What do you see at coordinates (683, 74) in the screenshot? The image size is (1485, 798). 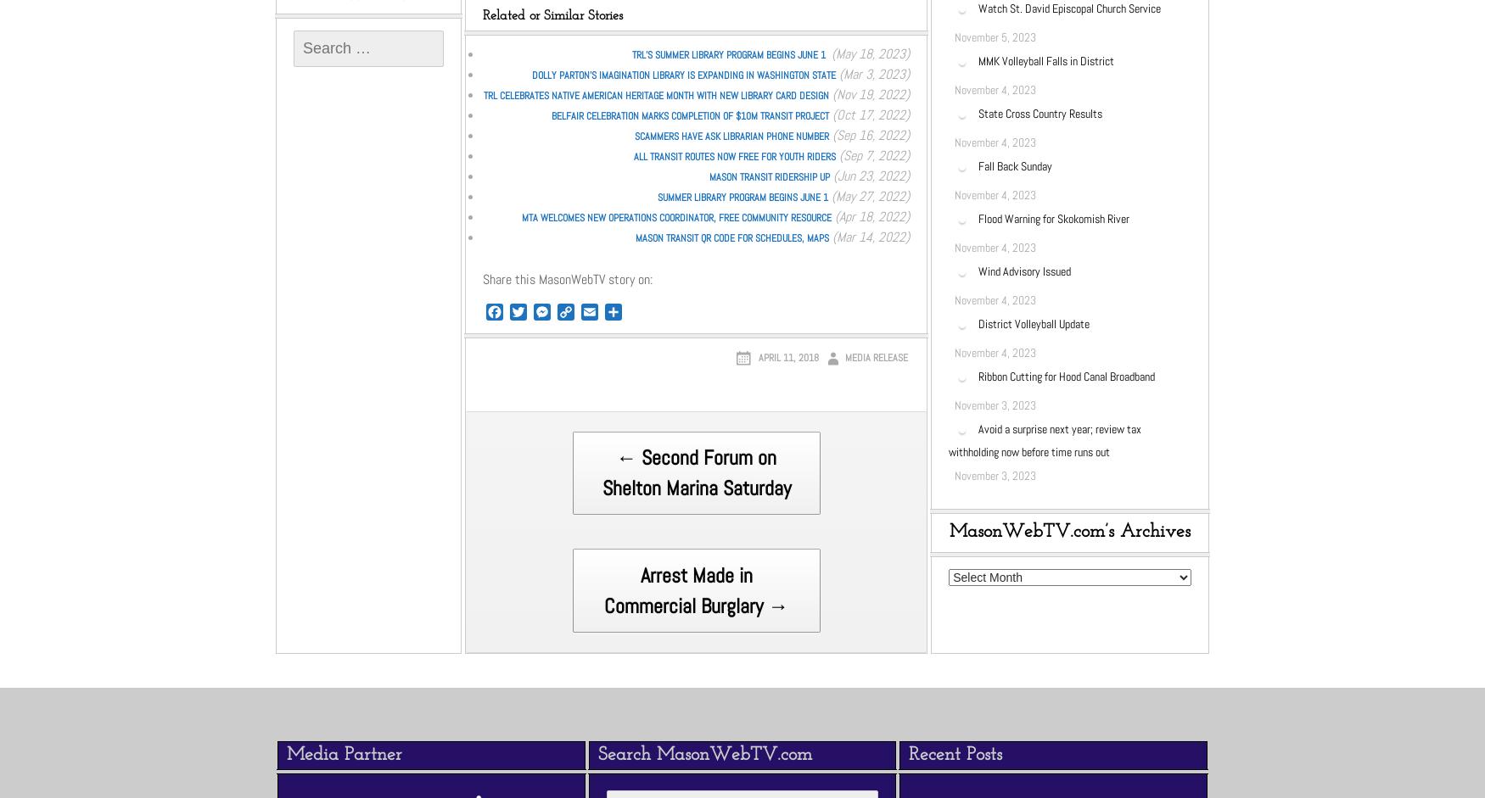 I see `'Dolly Parton’s Imagination Library is Expanding in Washington State'` at bounding box center [683, 74].